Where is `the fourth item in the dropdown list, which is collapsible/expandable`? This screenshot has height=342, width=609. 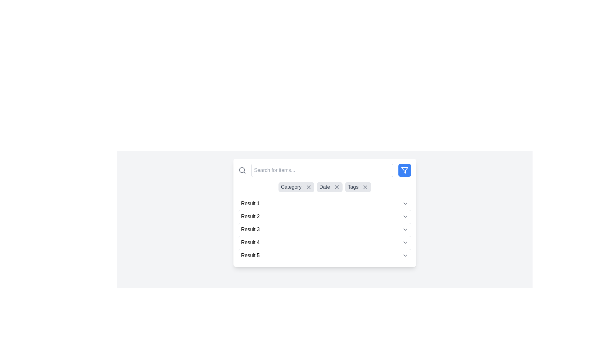
the fourth item in the dropdown list, which is collapsible/expandable is located at coordinates (324, 242).